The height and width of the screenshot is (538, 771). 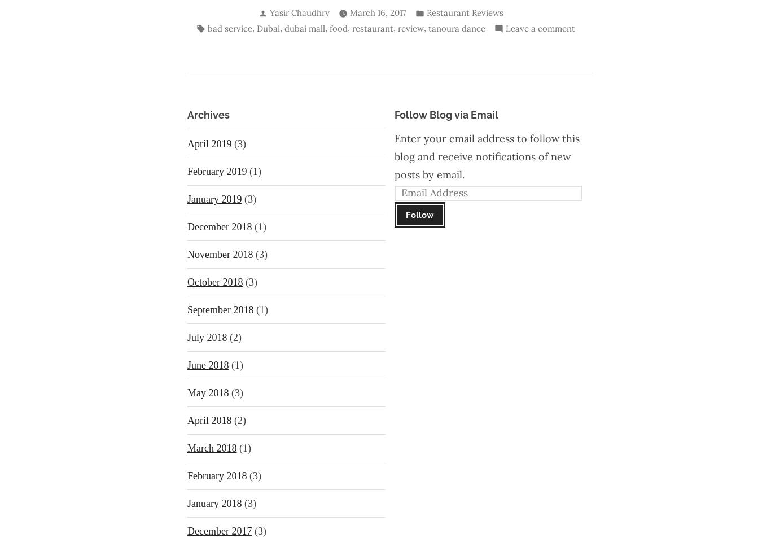 What do you see at coordinates (229, 27) in the screenshot?
I see `'bad service'` at bounding box center [229, 27].